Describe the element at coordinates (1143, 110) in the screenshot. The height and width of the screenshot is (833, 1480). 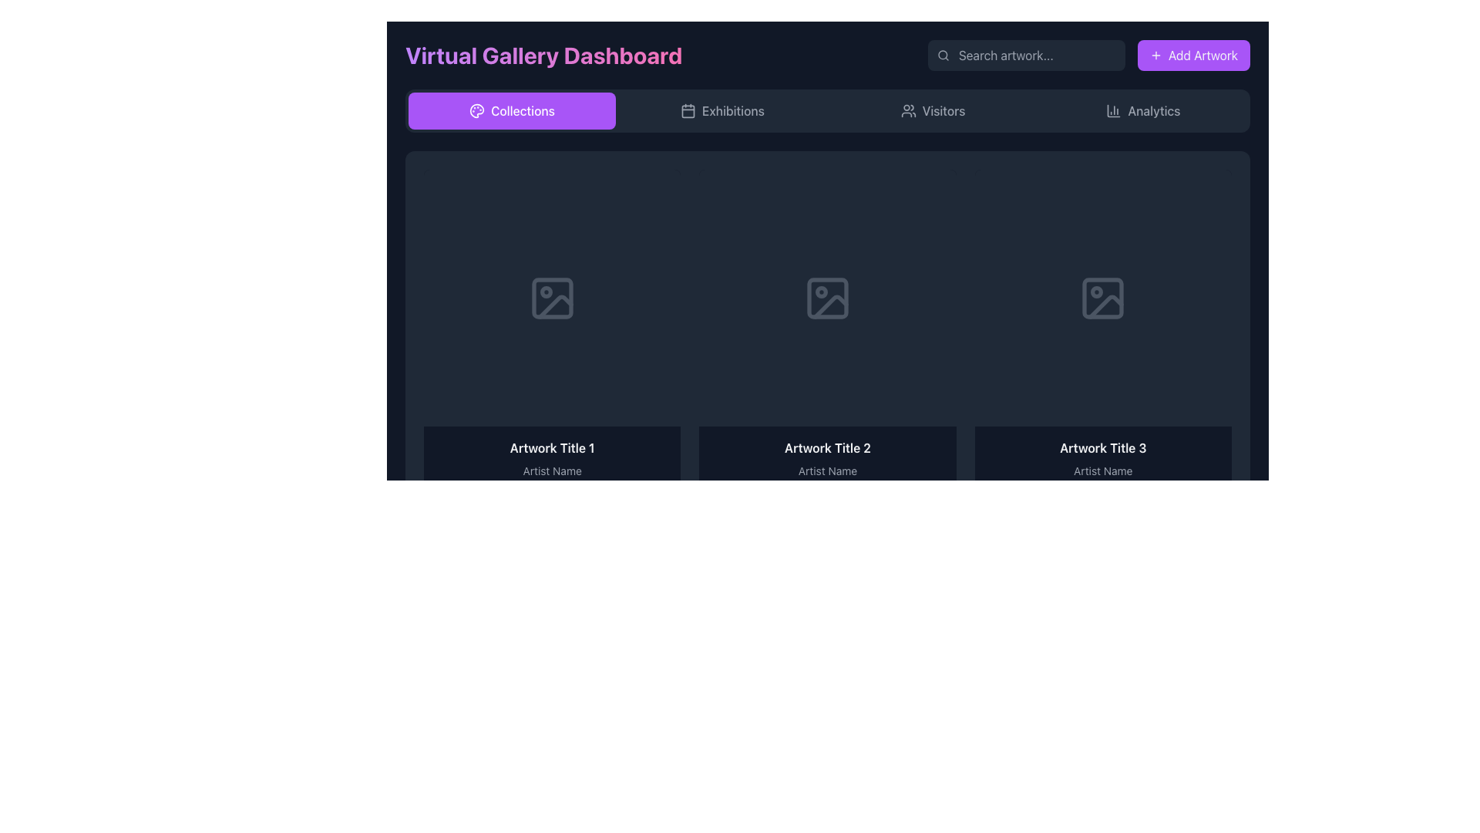
I see `the 'Analytics' button, which is a rectangular button with a bar chart icon and gray text, located in the top navigation menu` at that location.